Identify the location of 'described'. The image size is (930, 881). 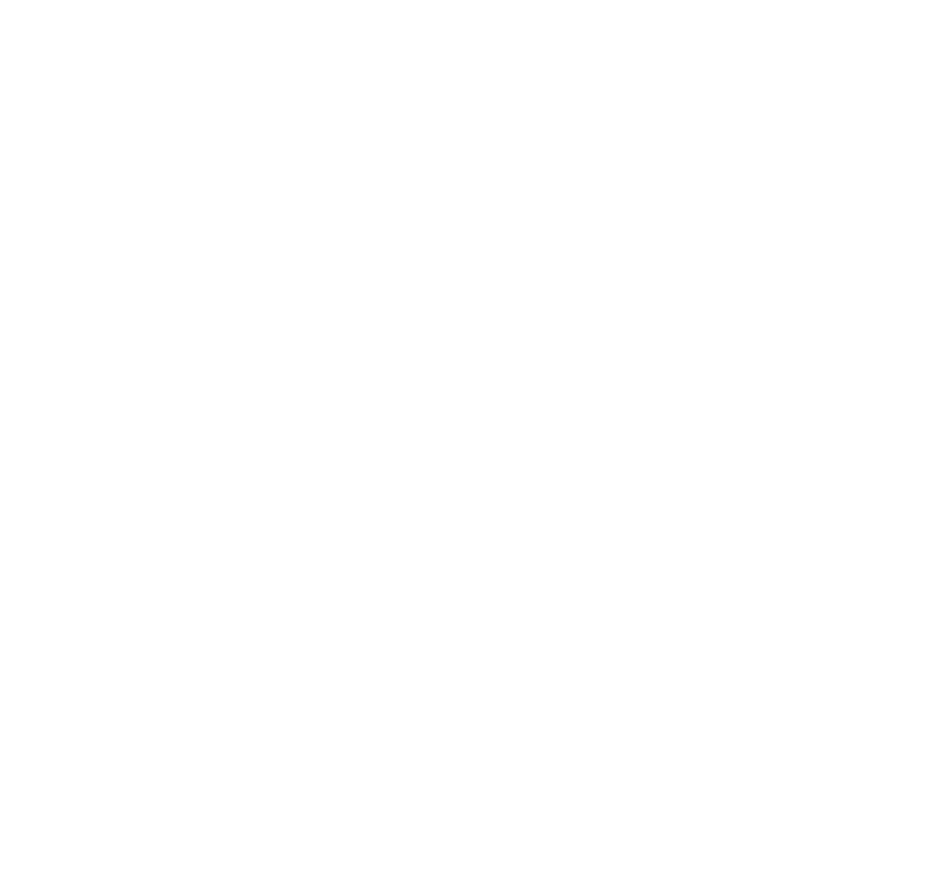
(516, 460).